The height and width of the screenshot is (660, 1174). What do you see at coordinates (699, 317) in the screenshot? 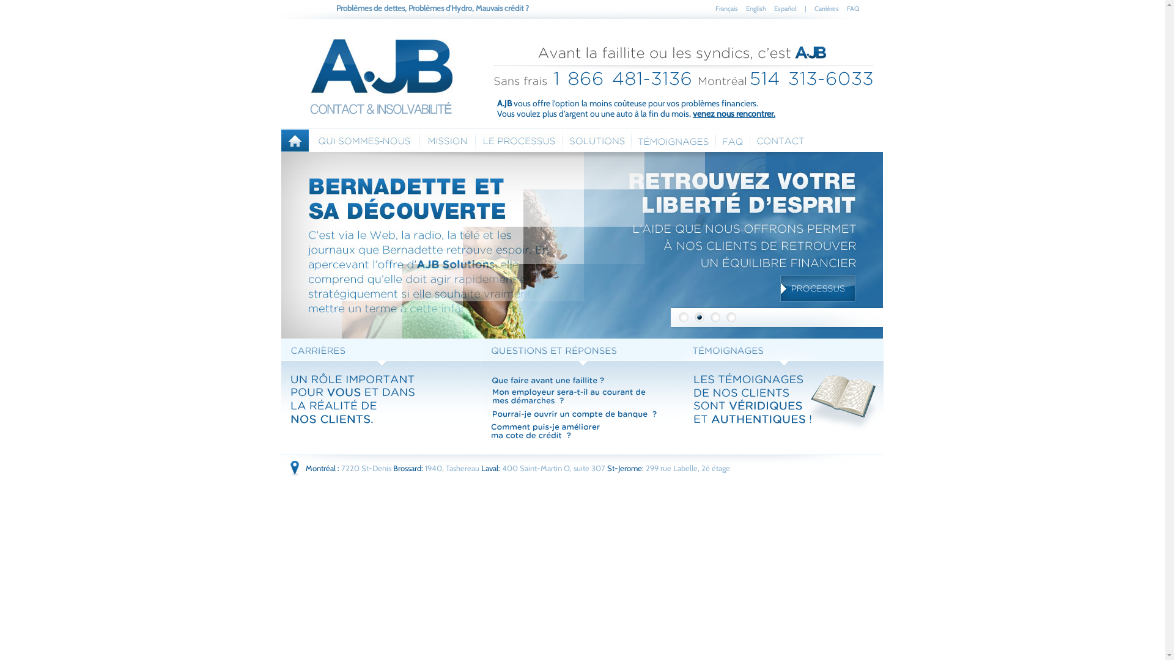
I see `'2'` at bounding box center [699, 317].